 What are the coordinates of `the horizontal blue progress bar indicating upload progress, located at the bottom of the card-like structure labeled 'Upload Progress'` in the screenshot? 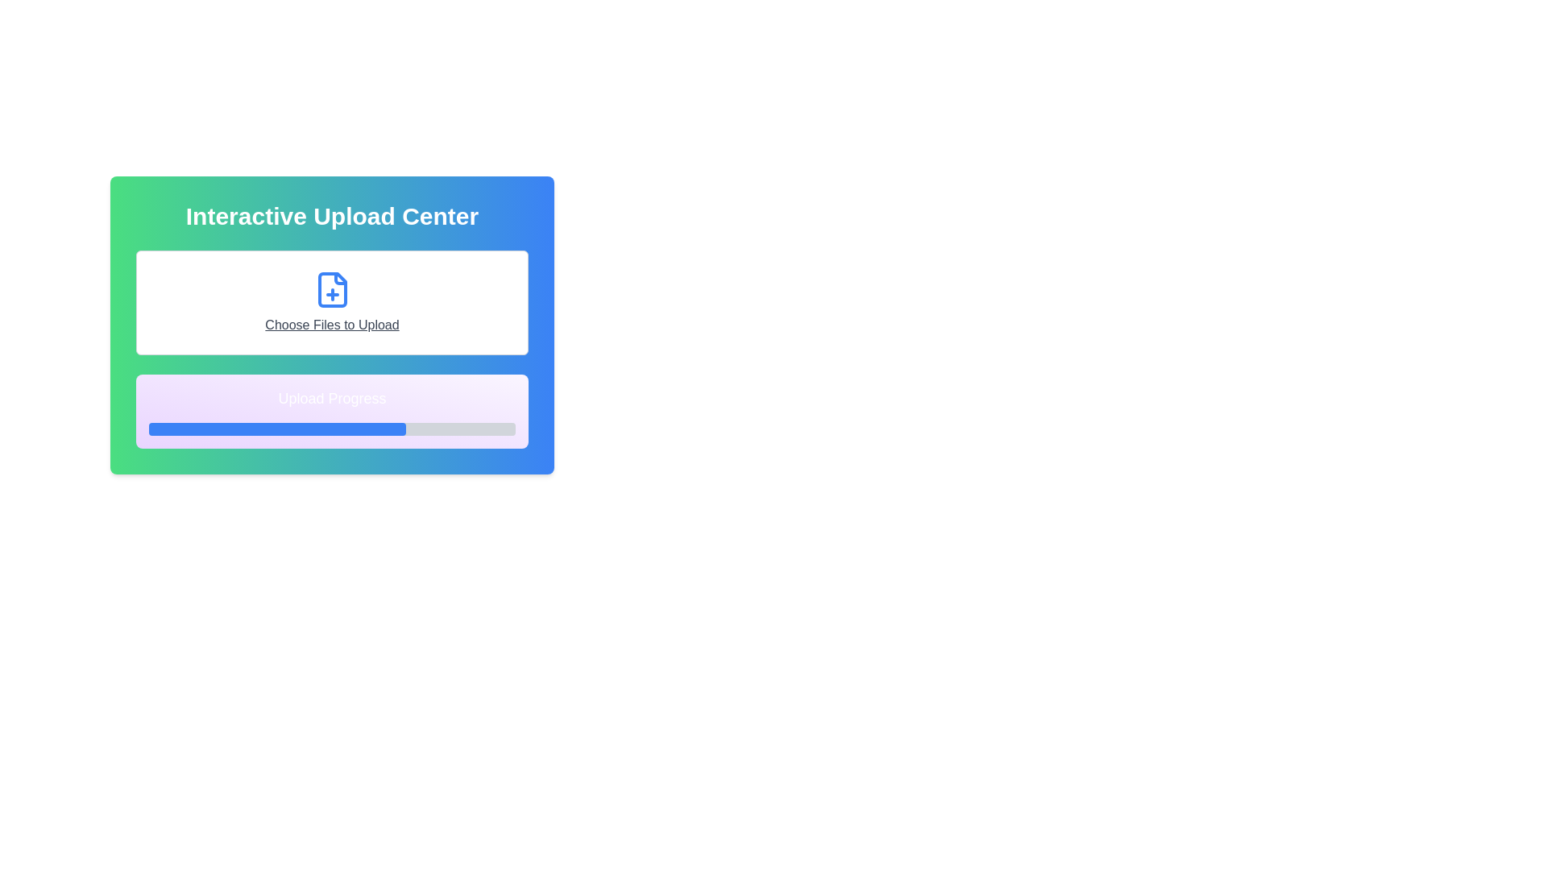 It's located at (277, 428).